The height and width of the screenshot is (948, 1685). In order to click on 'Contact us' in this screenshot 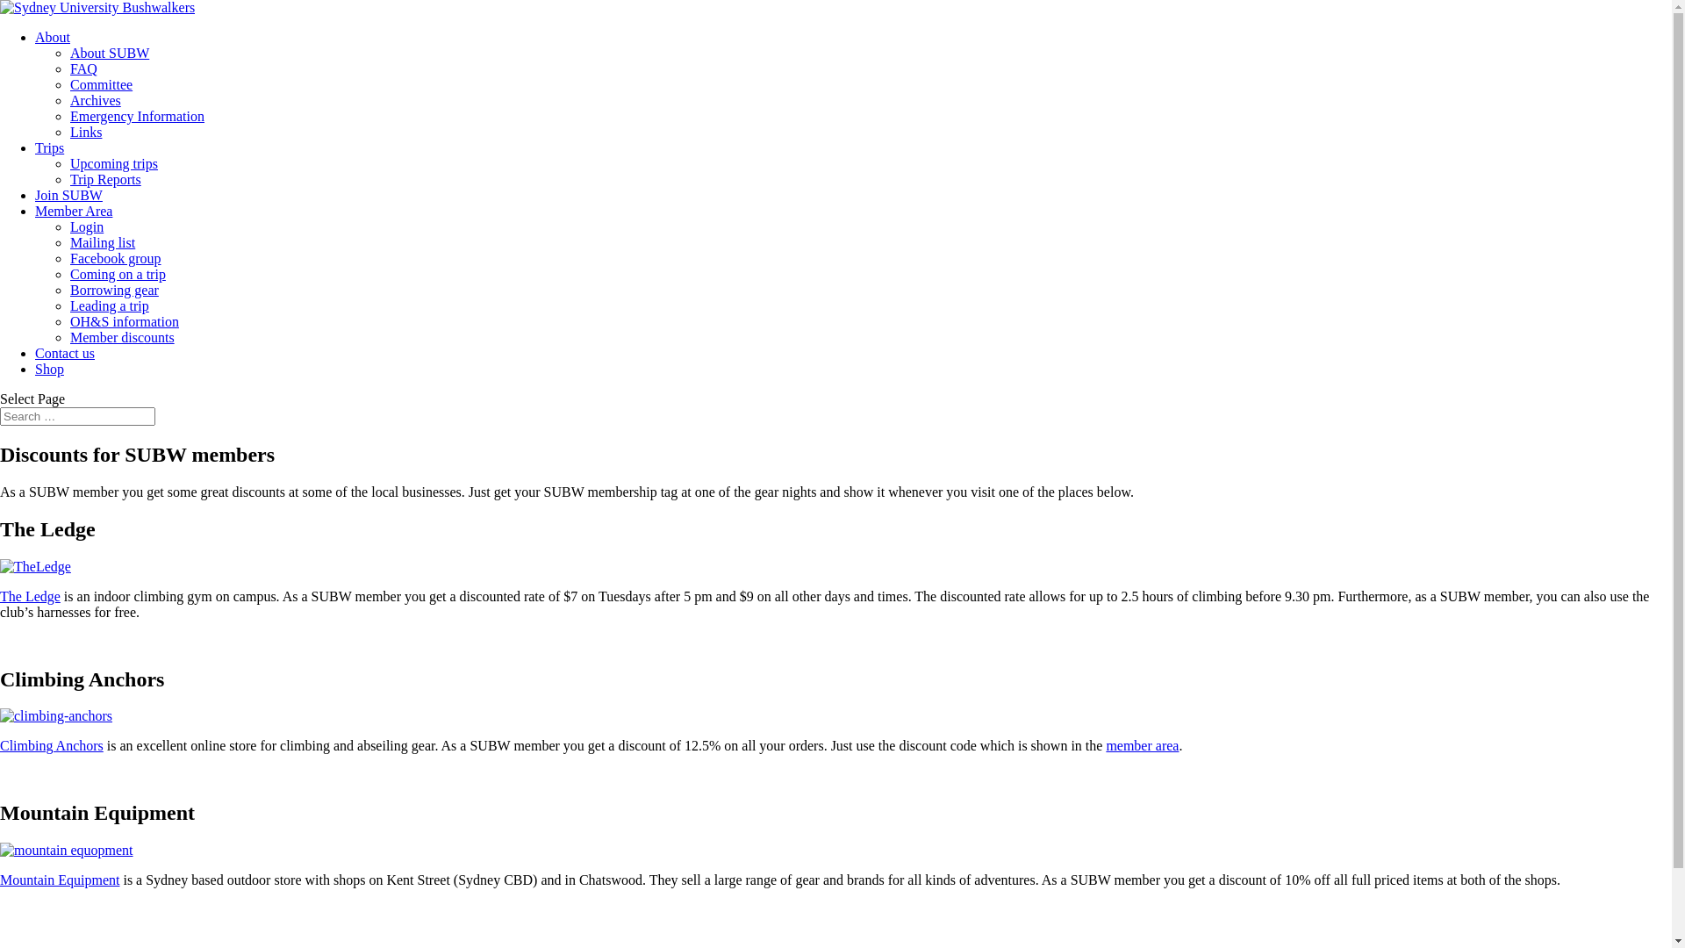, I will do `click(64, 353)`.